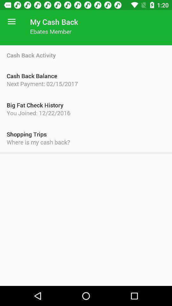  What do you see at coordinates (11, 22) in the screenshot?
I see `the icon to the left of my cash back item` at bounding box center [11, 22].